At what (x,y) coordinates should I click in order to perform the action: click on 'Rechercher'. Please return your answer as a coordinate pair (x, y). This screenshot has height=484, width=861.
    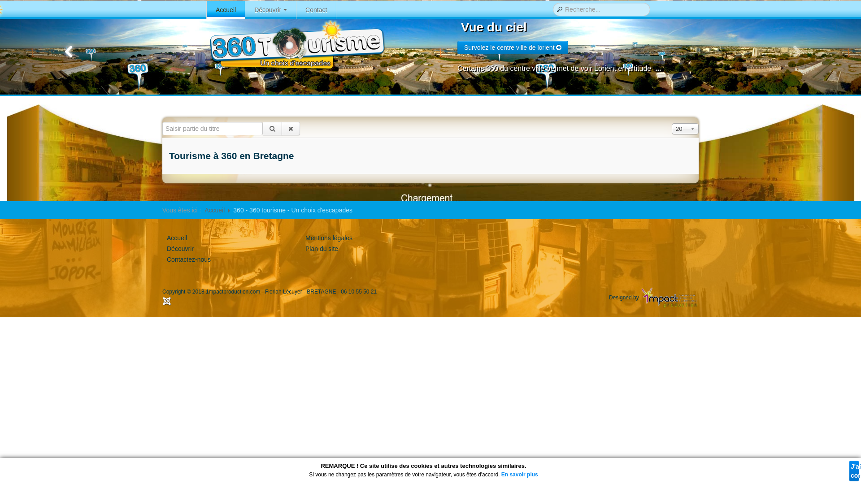
    Looking at the image, I should click on (272, 128).